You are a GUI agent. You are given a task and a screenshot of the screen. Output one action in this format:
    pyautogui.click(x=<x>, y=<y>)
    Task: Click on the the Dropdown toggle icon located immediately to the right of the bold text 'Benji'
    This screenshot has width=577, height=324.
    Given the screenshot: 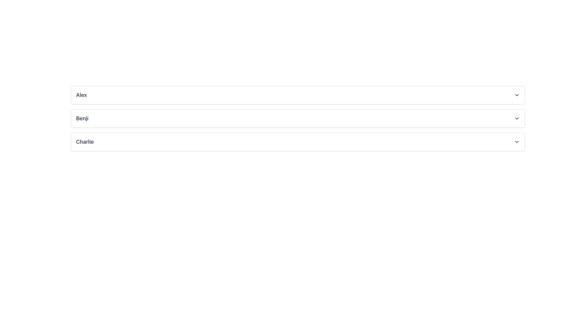 What is the action you would take?
    pyautogui.click(x=516, y=118)
    